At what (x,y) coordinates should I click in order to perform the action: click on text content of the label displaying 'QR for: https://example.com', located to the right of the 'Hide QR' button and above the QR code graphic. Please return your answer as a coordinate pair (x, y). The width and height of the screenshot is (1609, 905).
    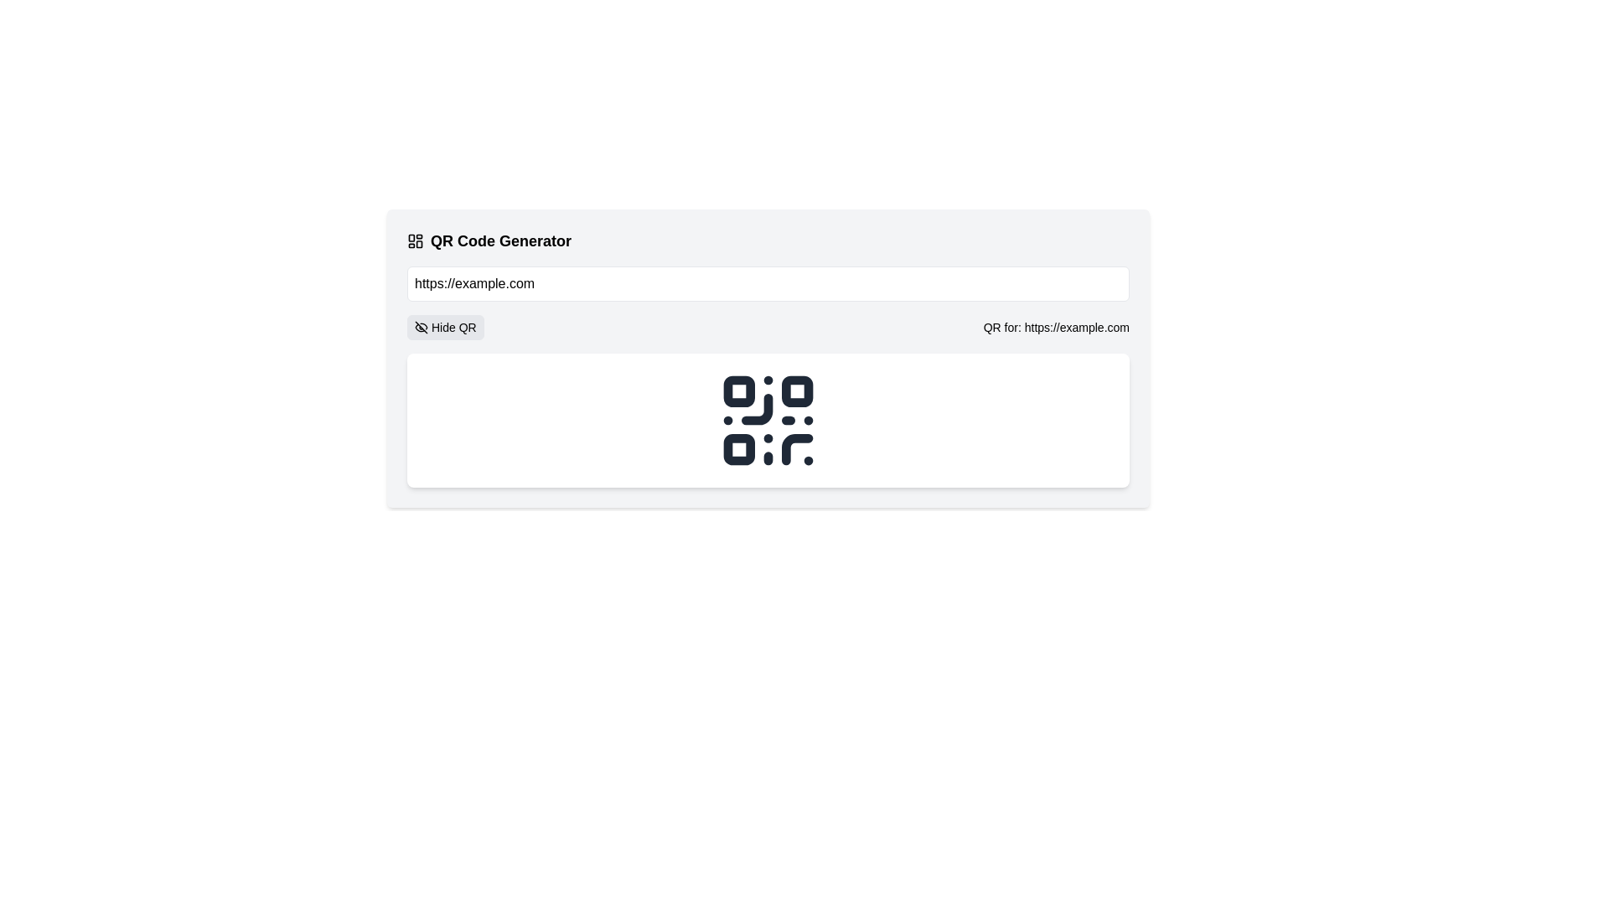
    Looking at the image, I should click on (1055, 327).